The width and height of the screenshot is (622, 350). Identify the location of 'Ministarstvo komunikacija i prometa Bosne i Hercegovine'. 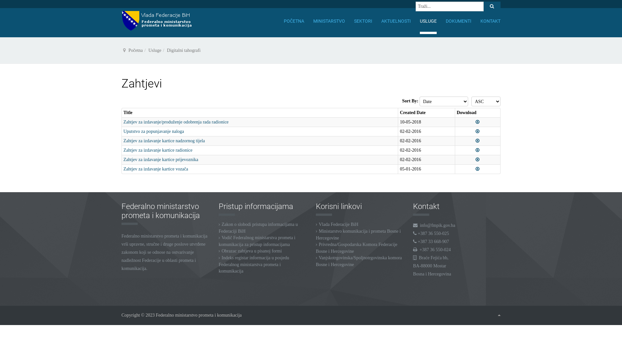
(316, 235).